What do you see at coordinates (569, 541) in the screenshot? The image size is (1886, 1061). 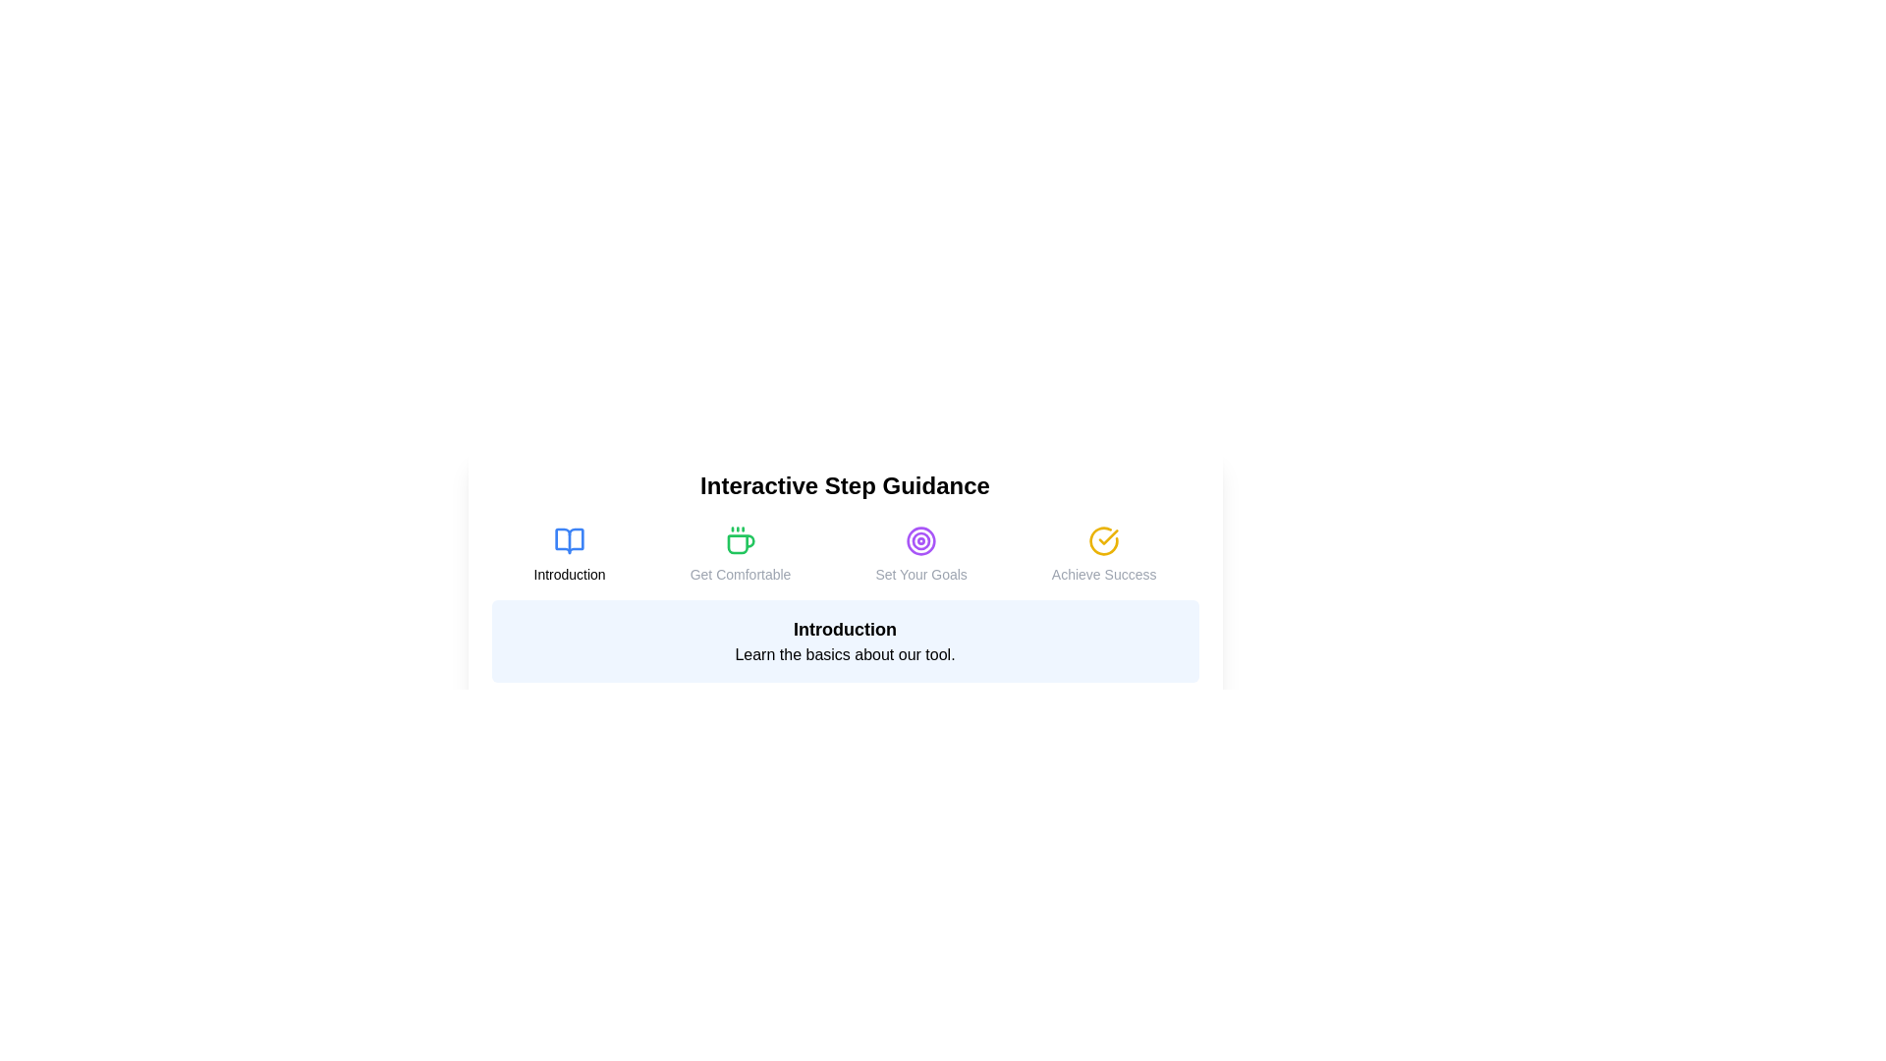 I see `the 'Introduction' icon in the step-by-step navigation interface, which is the first icon in a horizontal list located on the left side above the label 'Introduction'` at bounding box center [569, 541].